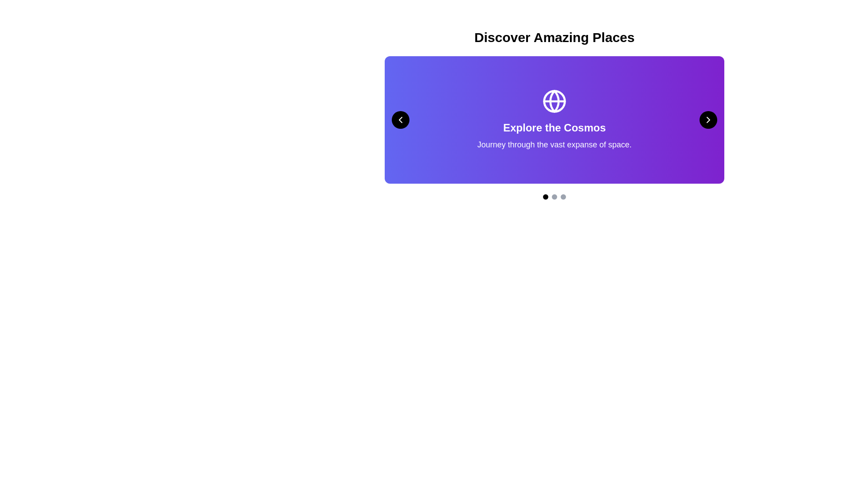  I want to click on the left-facing chevron icon inside the circular button with a black background, so click(400, 119).